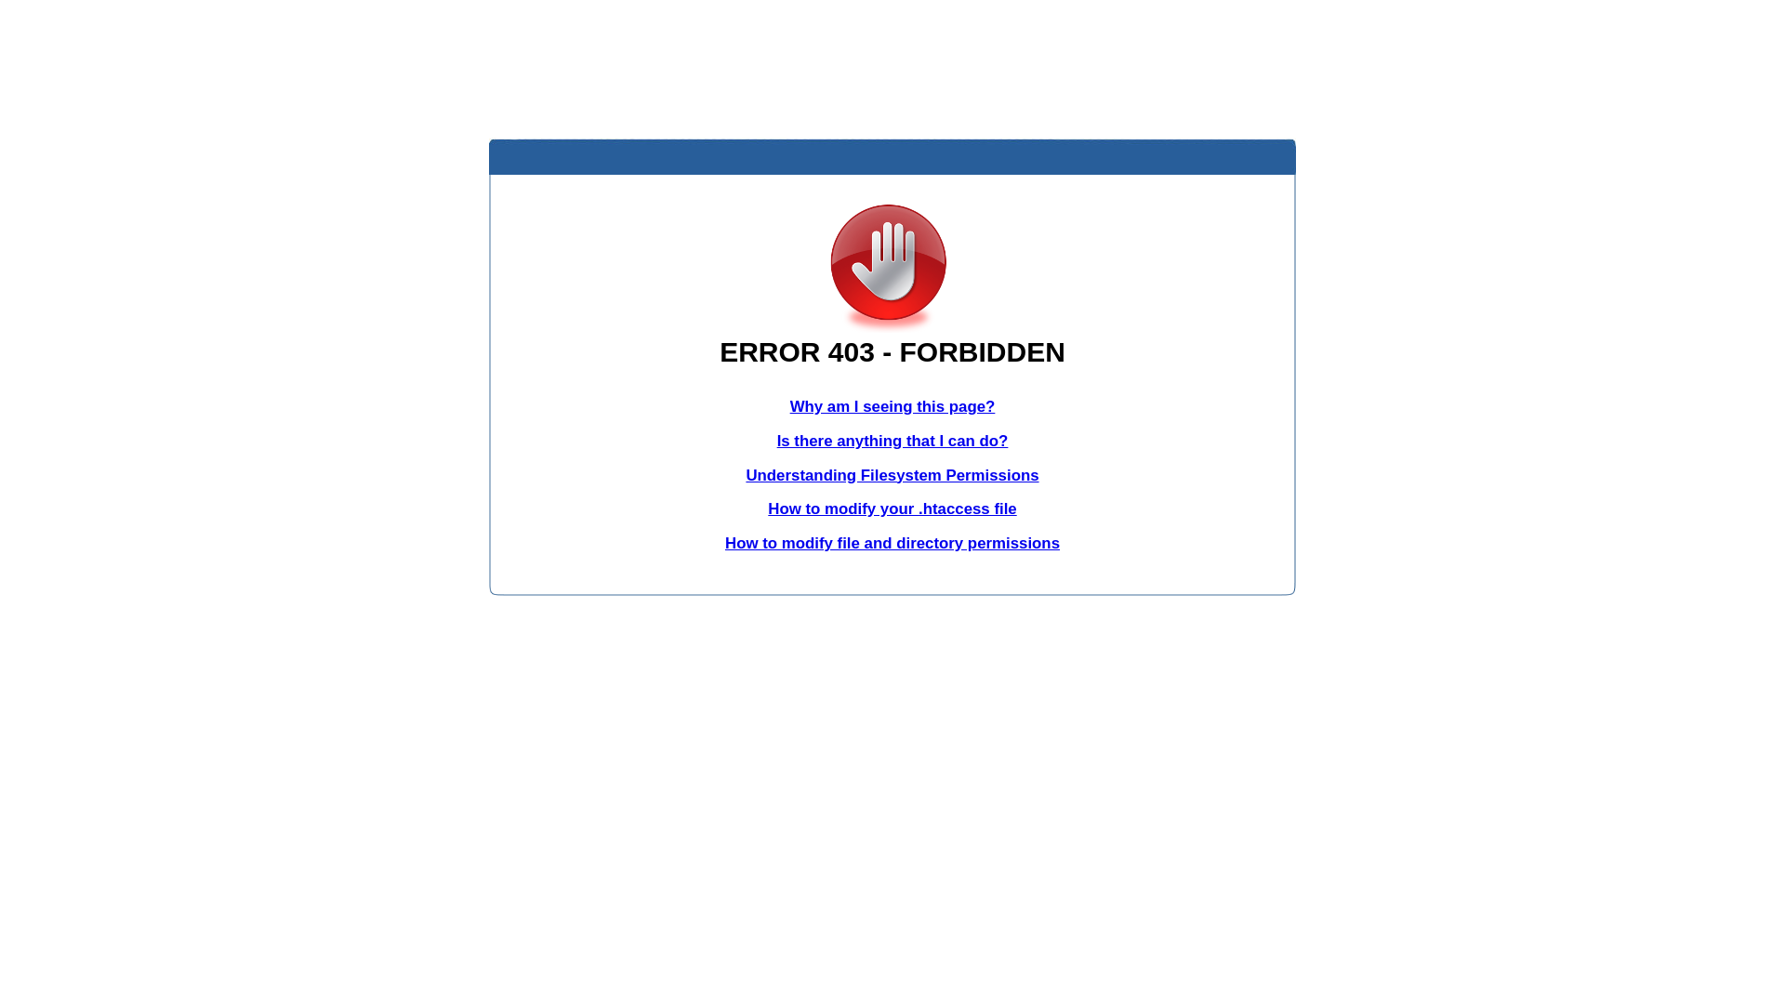 Image resolution: width=1785 pixels, height=1004 pixels. Describe the element at coordinates (891, 509) in the screenshot. I see `'How to modify your .htaccess file'` at that location.